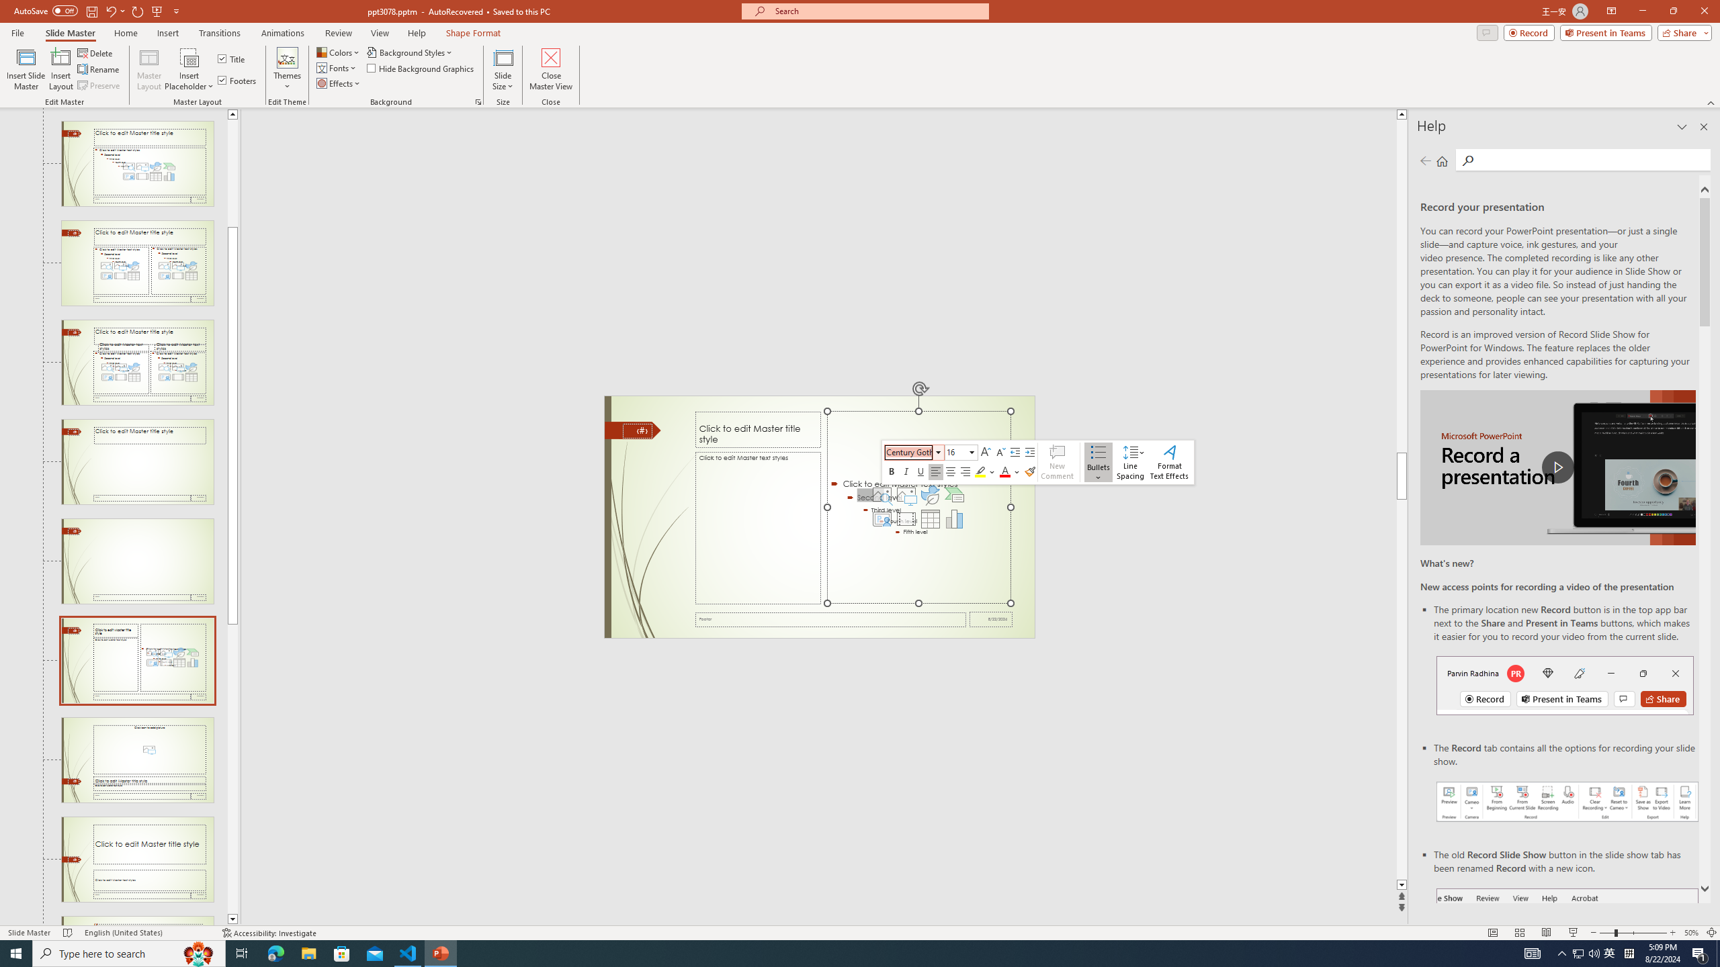 The height and width of the screenshot is (967, 1720). I want to click on 'Insert Video', so click(906, 519).